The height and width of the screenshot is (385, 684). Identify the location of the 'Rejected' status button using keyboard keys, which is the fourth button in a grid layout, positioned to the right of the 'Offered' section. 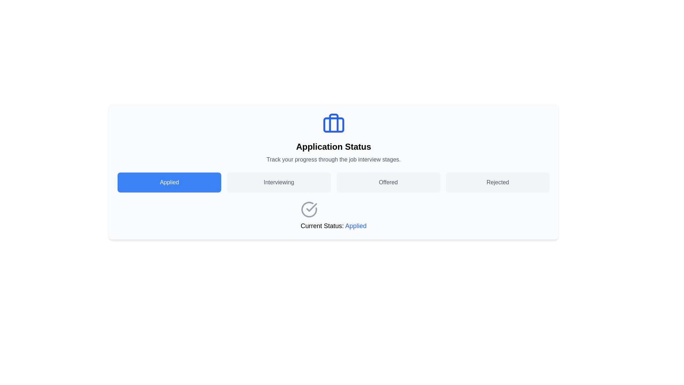
(497, 182).